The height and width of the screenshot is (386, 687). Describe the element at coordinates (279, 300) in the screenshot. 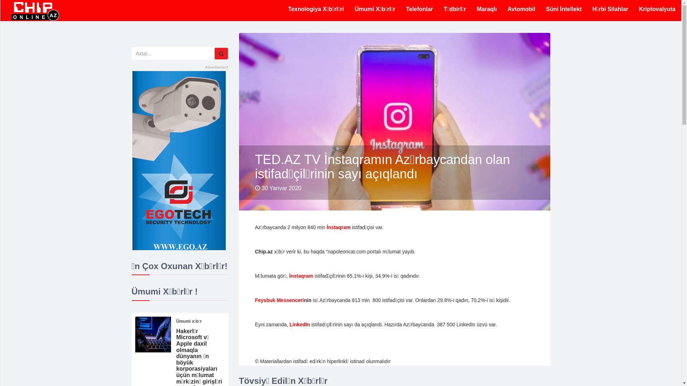

I see `'Feysbuk Messenceri'` at that location.